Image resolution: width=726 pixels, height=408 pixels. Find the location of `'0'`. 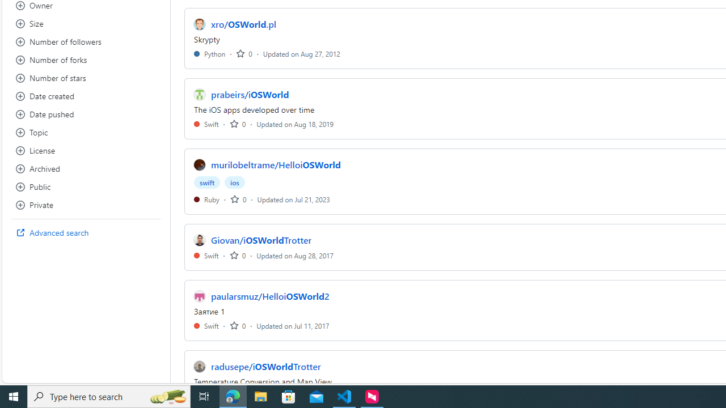

'0' is located at coordinates (237, 325).